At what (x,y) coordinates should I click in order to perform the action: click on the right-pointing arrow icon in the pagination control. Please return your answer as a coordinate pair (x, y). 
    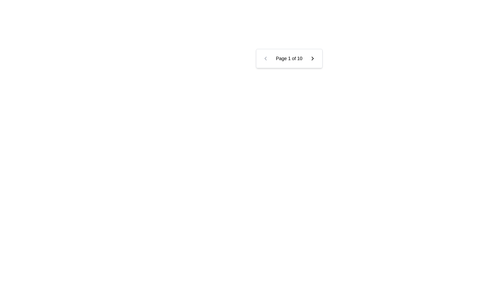
    Looking at the image, I should click on (312, 58).